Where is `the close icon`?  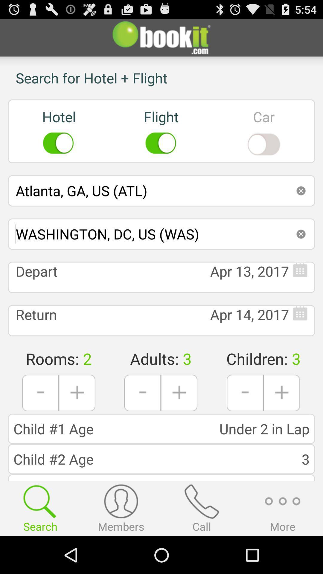
the close icon is located at coordinates (301, 251).